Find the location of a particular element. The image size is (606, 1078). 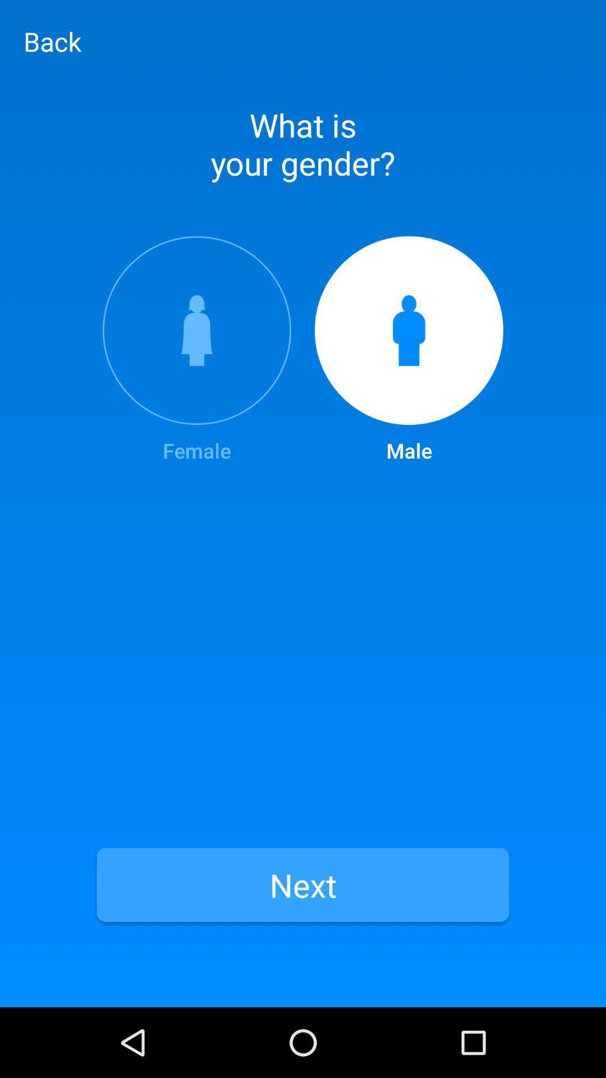

item next to male is located at coordinates (196, 350).